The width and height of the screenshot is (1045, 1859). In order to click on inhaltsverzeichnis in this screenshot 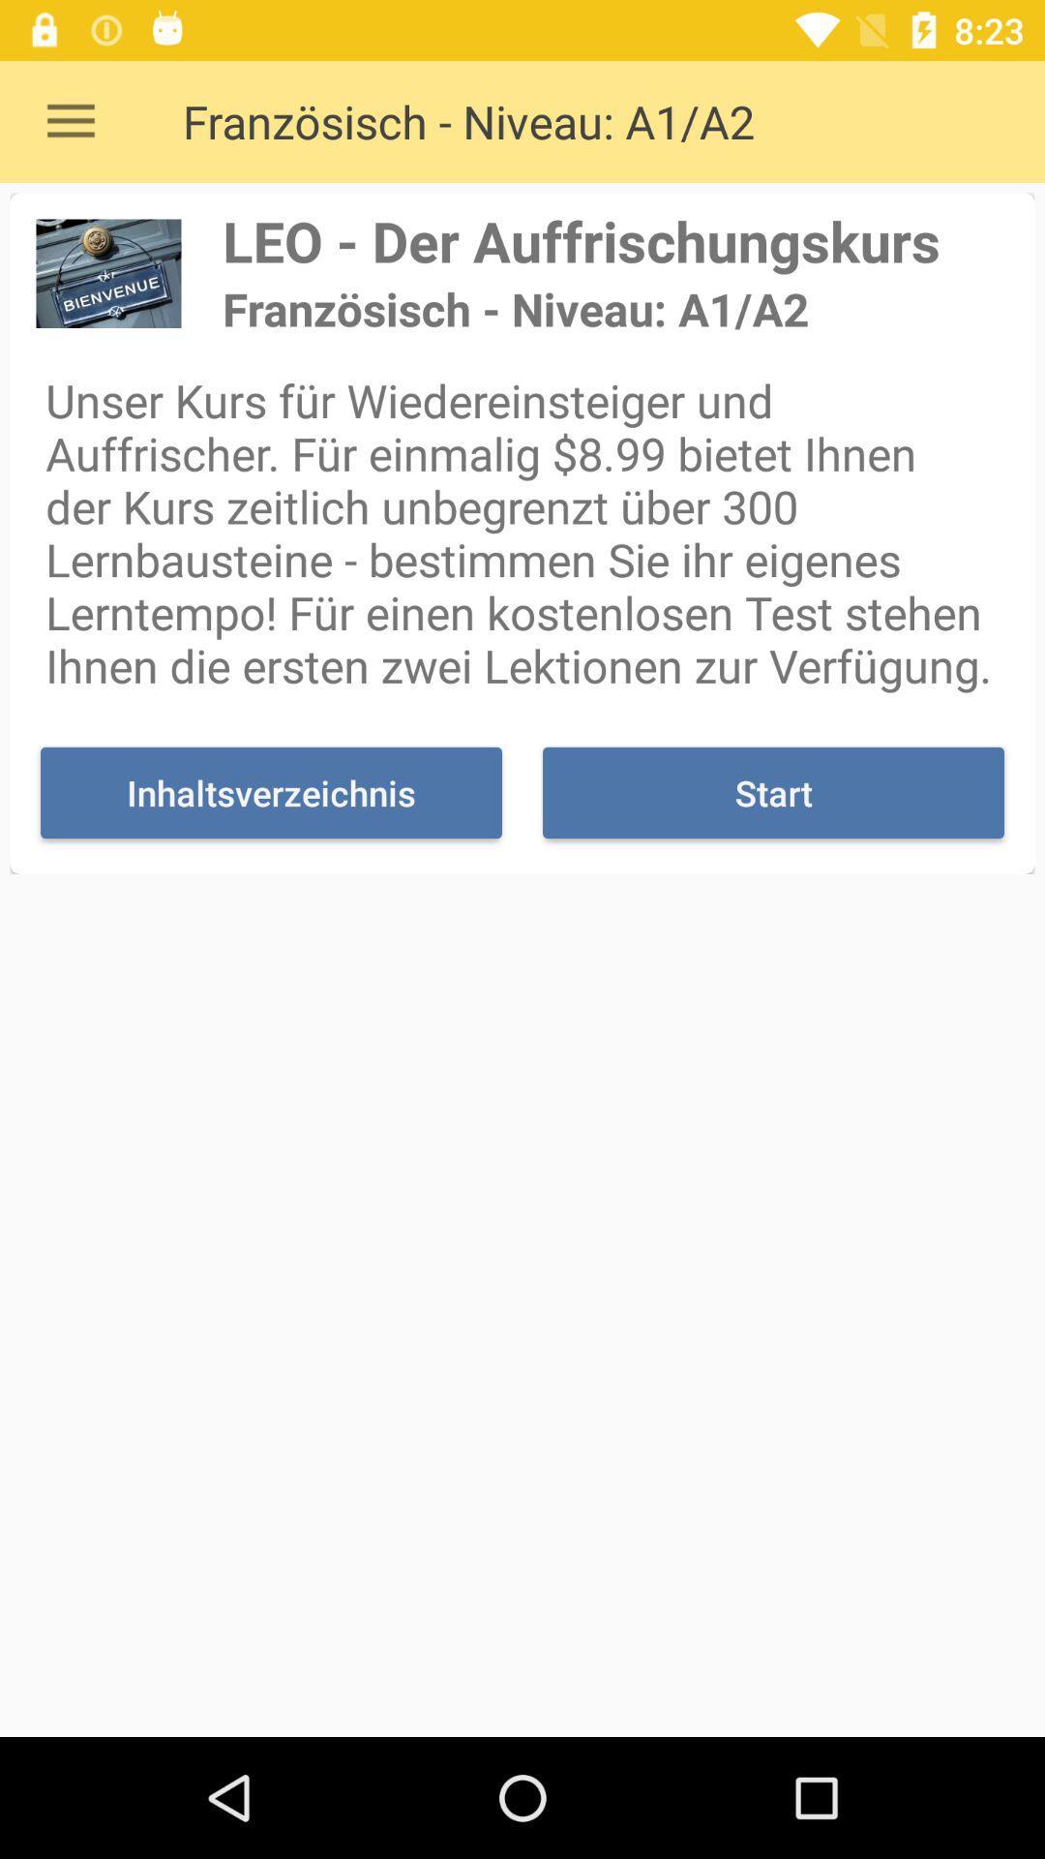, I will do `click(271, 793)`.